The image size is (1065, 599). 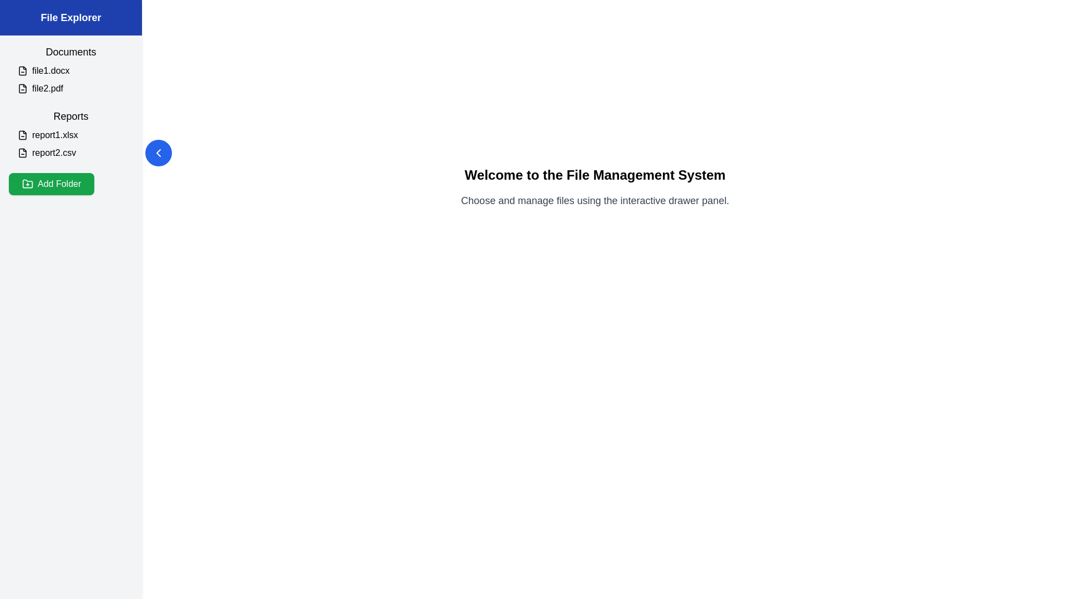 What do you see at coordinates (74, 70) in the screenshot?
I see `the file entry named 'file1.docx' located in the Documents section of the left-hand navigation pane` at bounding box center [74, 70].